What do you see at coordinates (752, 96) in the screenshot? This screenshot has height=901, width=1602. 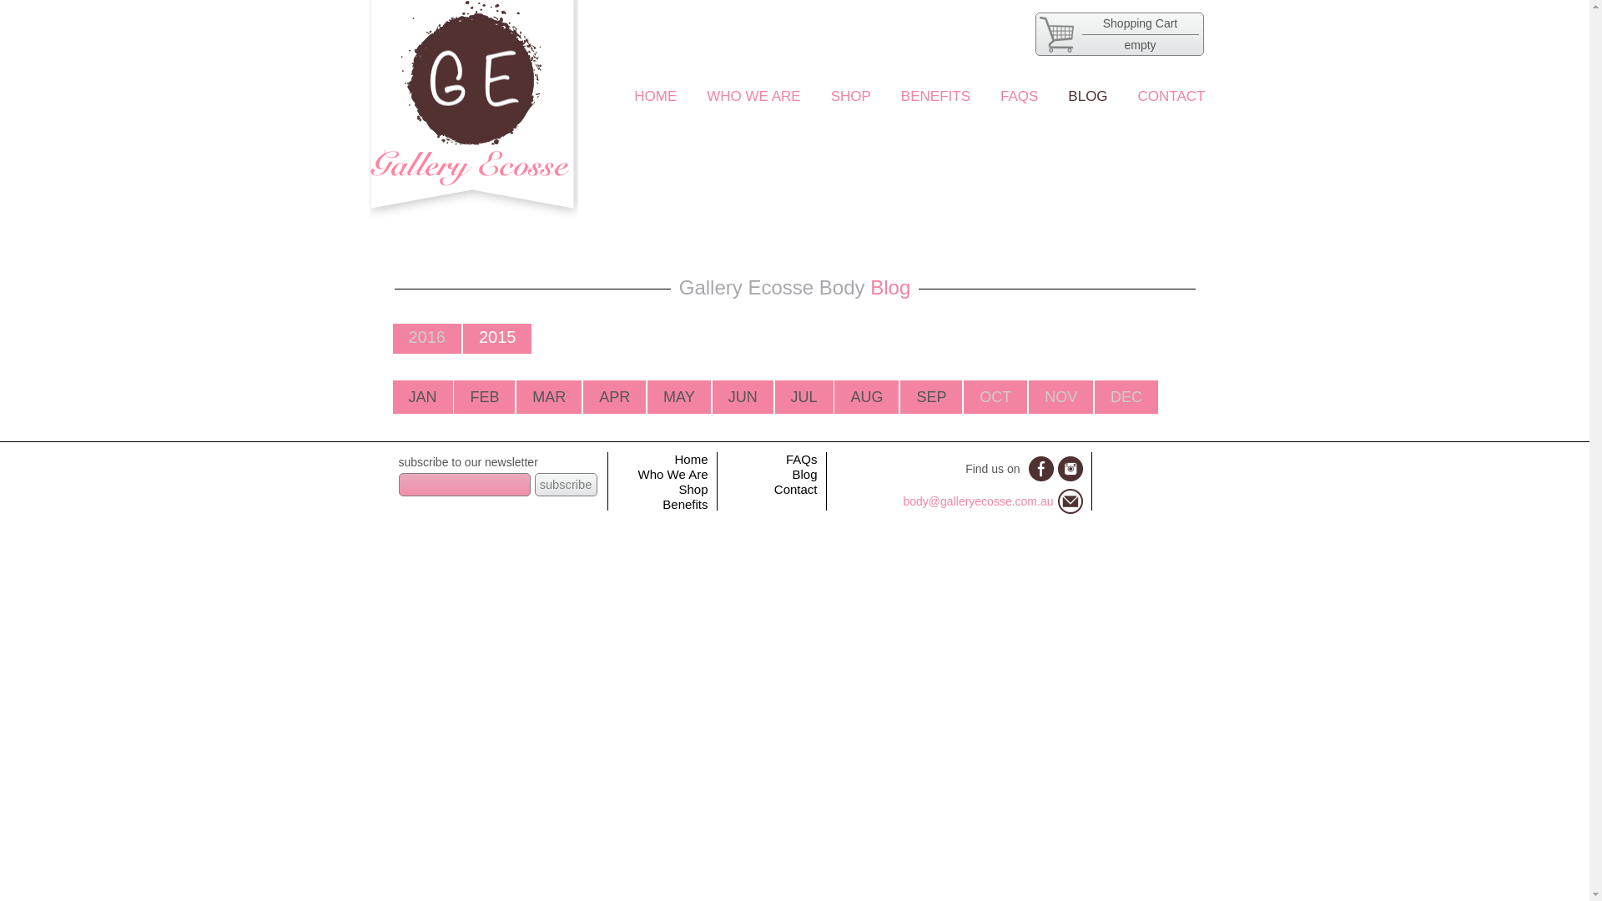 I see `'WHO WE ARE'` at bounding box center [752, 96].